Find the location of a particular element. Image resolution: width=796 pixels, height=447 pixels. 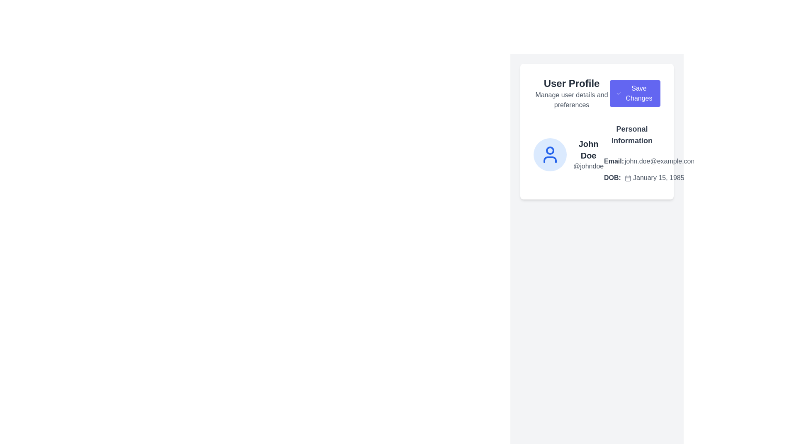

the lower portion of the user profile icon, which is represented as a semi-circular Decorative SVG graphic element is located at coordinates (550, 159).